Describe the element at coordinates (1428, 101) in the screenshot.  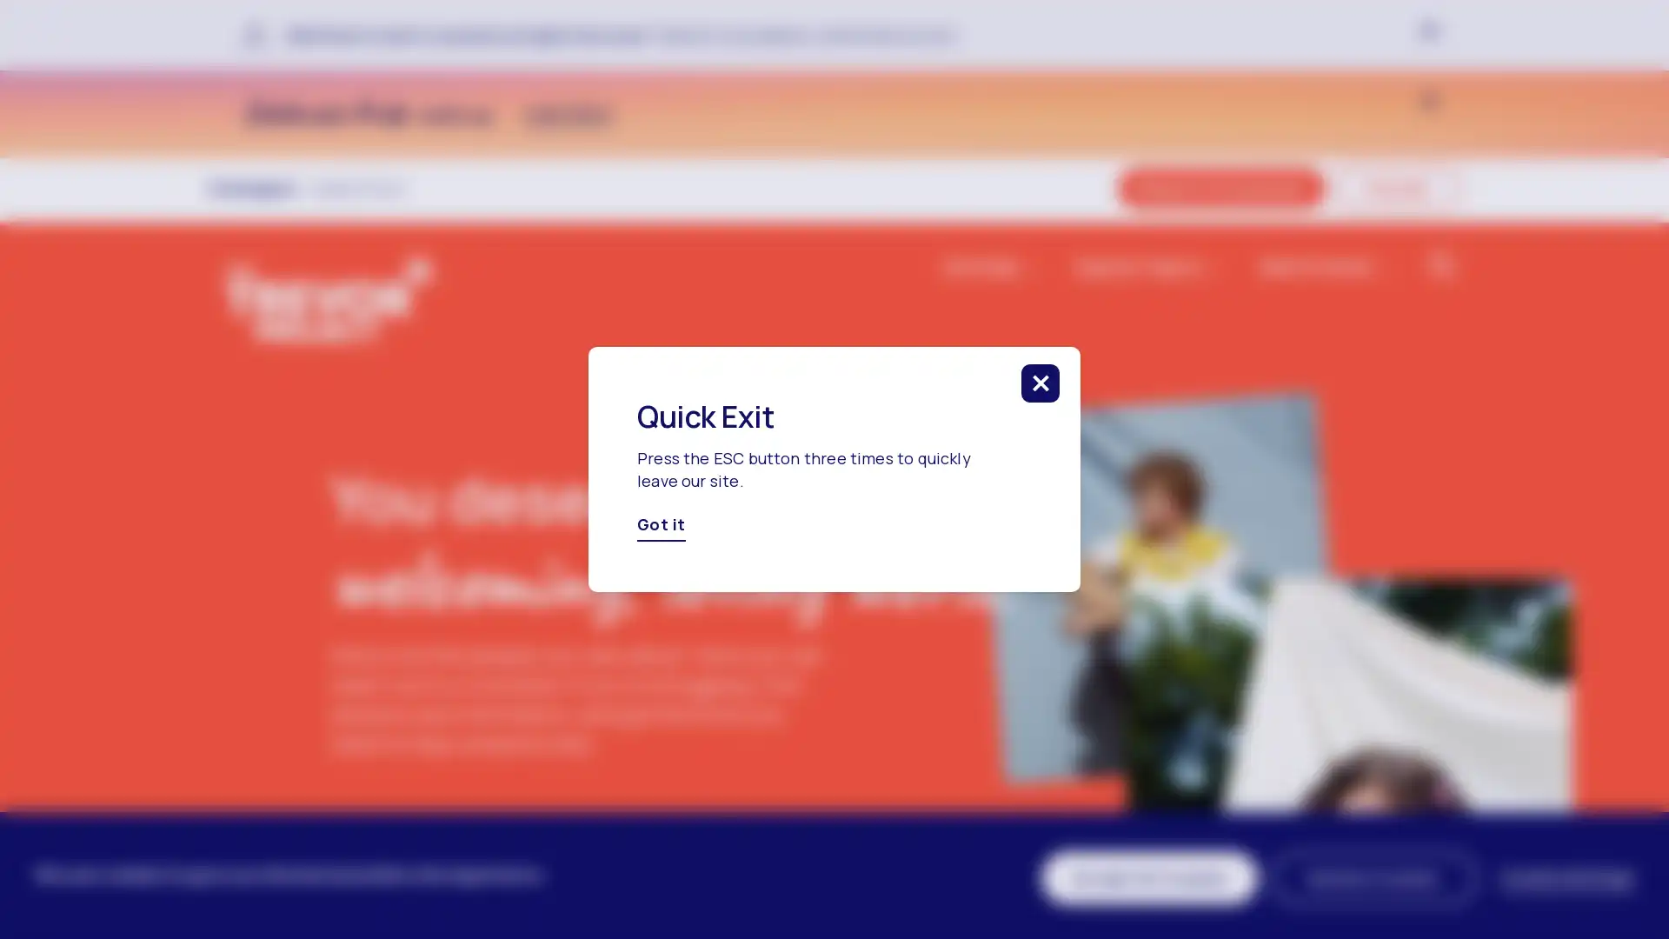
I see `click to close banner` at that location.